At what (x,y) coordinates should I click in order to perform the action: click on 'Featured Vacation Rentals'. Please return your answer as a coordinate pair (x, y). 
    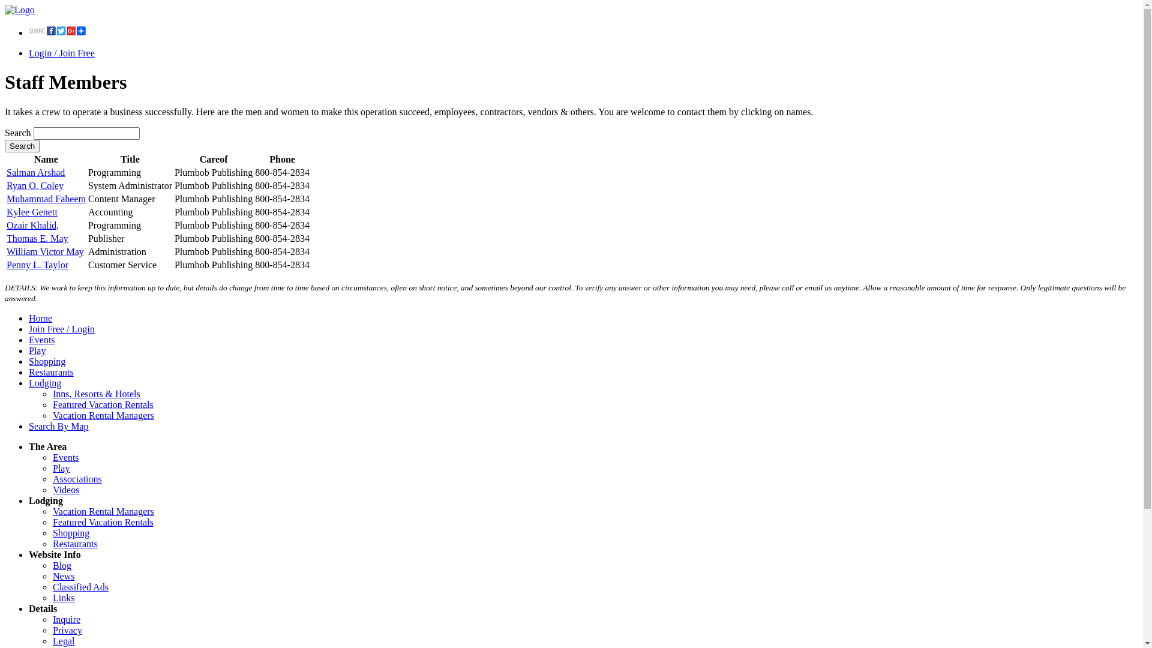
    Looking at the image, I should click on (103, 521).